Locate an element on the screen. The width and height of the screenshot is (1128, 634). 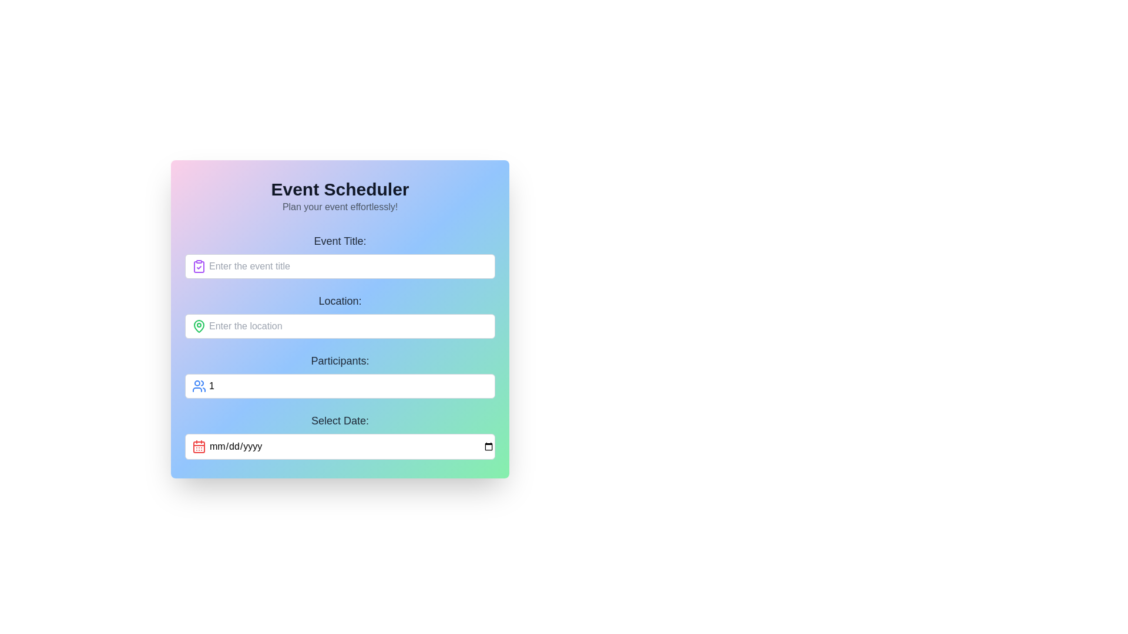
the participants icon located to the left of the input field in the 'Participants' section of the form is located at coordinates (199, 386).